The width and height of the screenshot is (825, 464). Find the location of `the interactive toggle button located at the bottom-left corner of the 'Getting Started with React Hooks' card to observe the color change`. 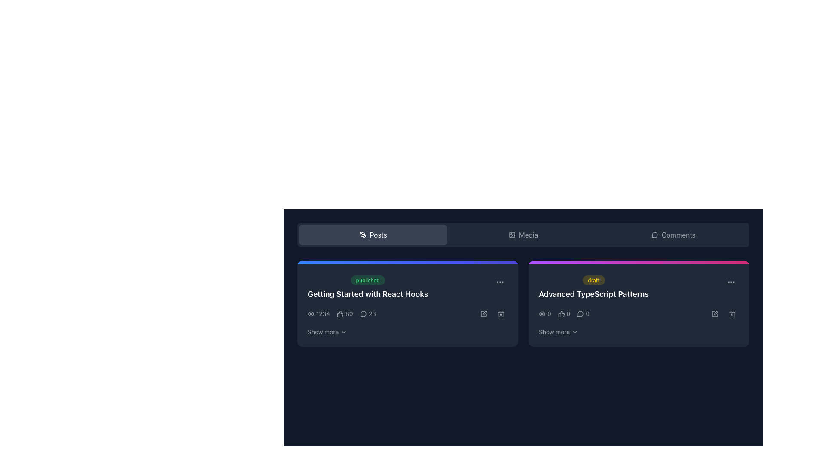

the interactive toggle button located at the bottom-left corner of the 'Getting Started with React Hooks' card to observe the color change is located at coordinates (327, 331).